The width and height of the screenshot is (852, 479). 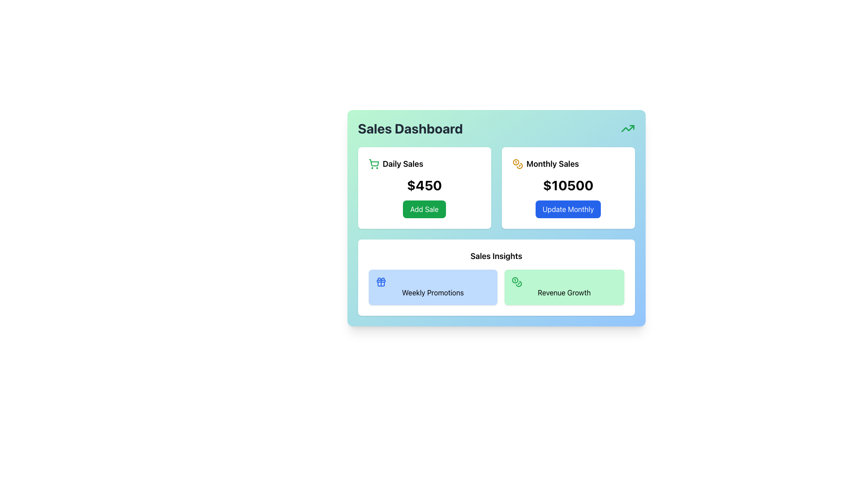 I want to click on the graphical circle part of the SVG within the coins icon located in the top-right part of the 'Monthly Sales' card, adjacent to the text '$10500' and the 'Update Monthly' button, so click(x=516, y=162).